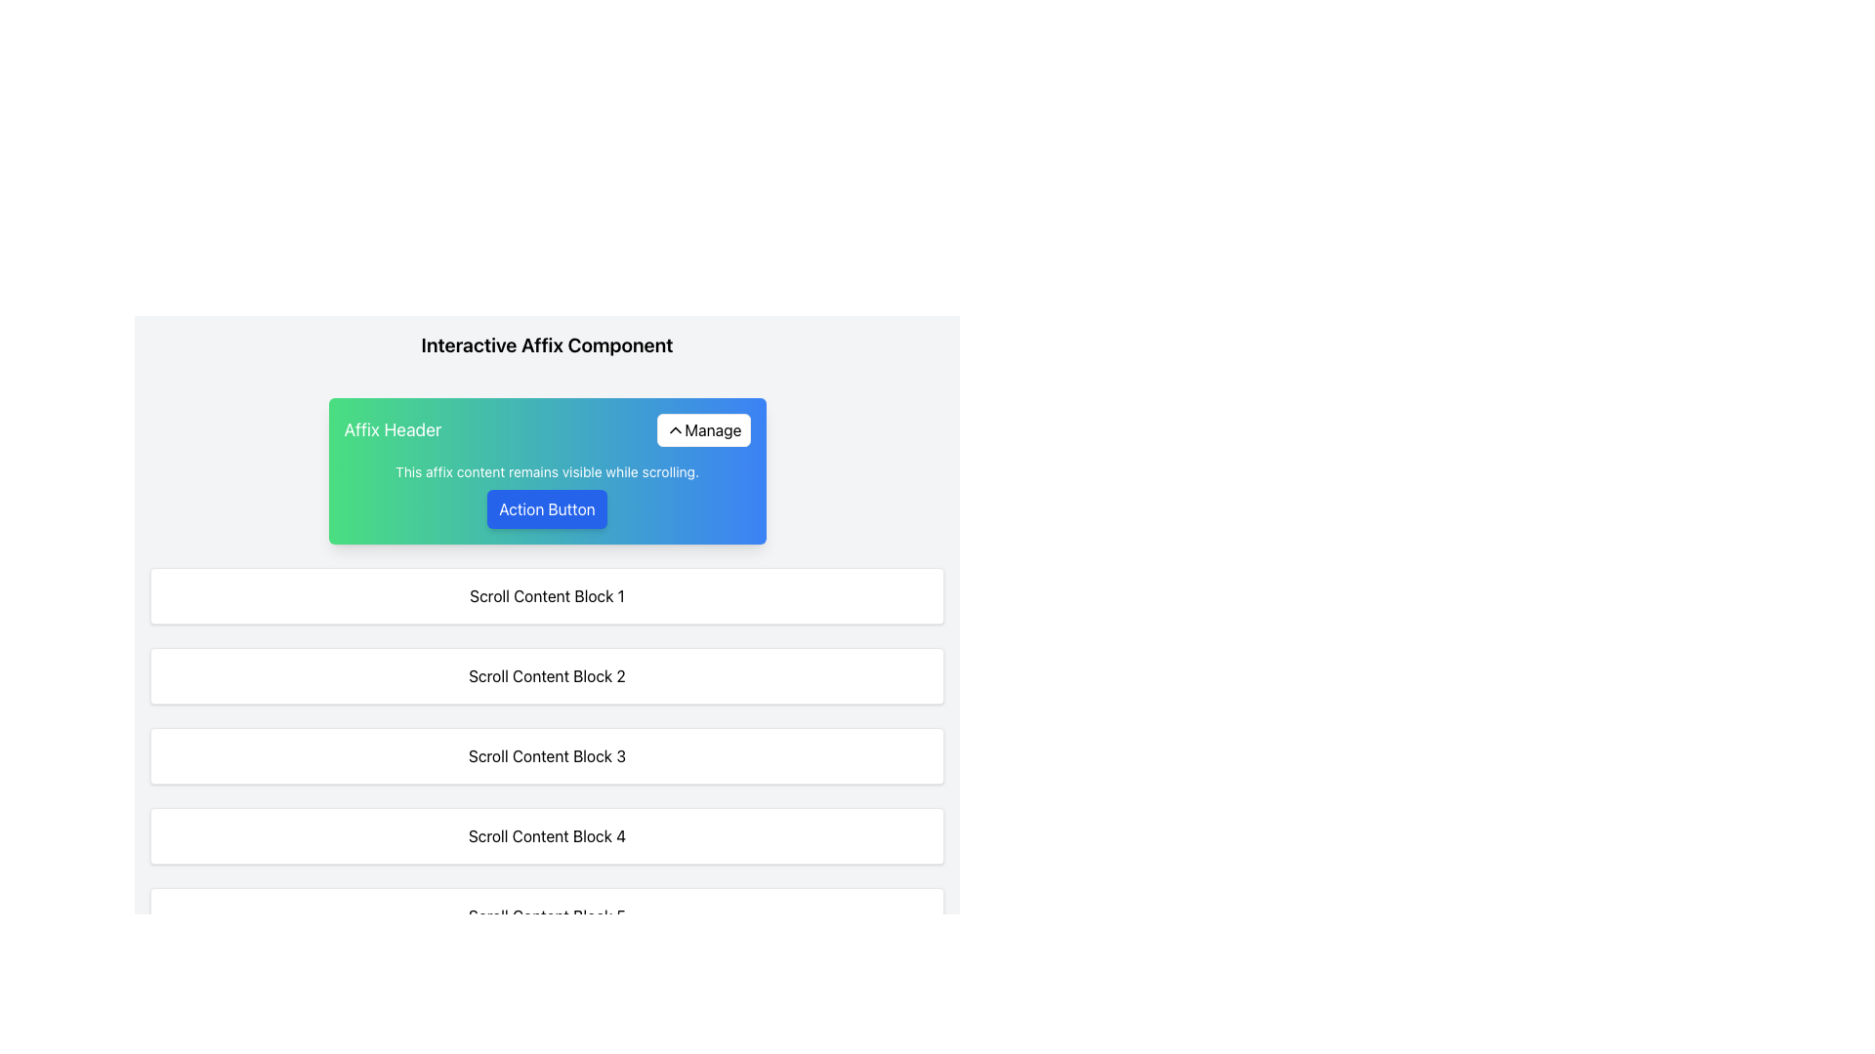 The width and height of the screenshot is (1875, 1054). Describe the element at coordinates (392, 428) in the screenshot. I see `displayed text of the heading labeled 'Affix Header' which is in bold white font against a gradient background` at that location.